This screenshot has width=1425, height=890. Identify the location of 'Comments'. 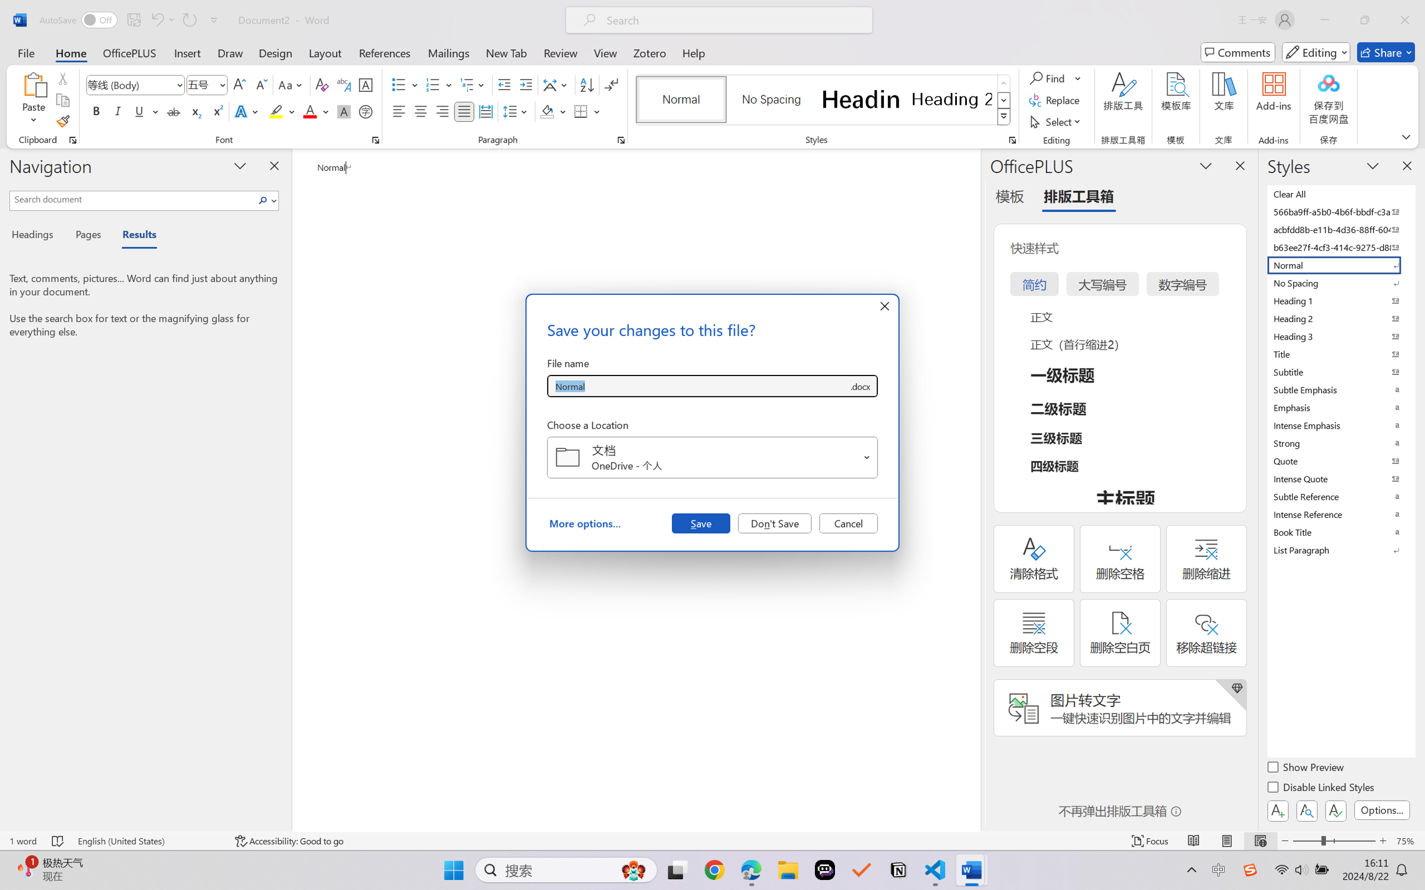
(1238, 52).